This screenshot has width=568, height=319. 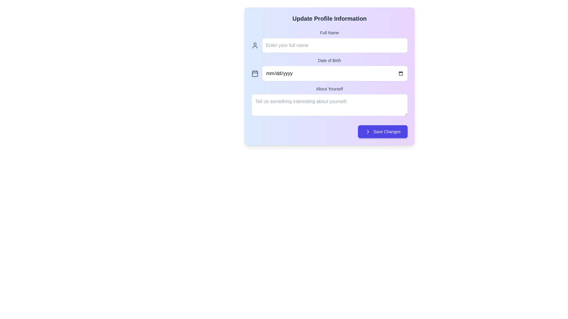 What do you see at coordinates (329, 41) in the screenshot?
I see `the 'Full Name' input field to focus and start typing` at bounding box center [329, 41].